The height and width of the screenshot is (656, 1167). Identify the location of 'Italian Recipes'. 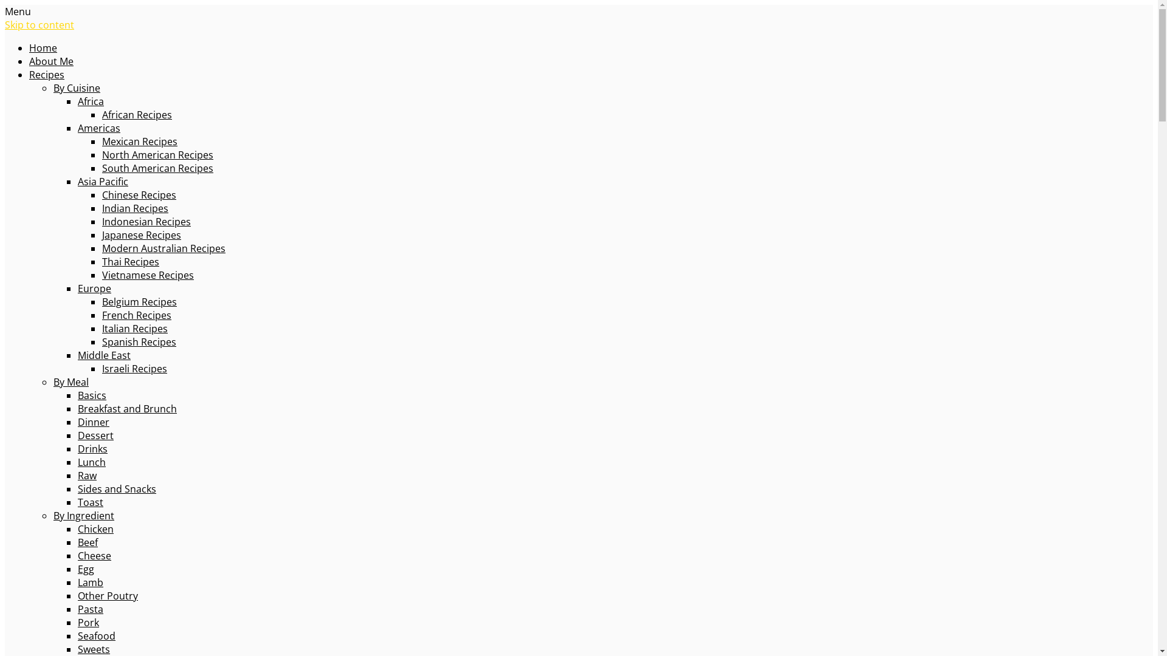
(134, 328).